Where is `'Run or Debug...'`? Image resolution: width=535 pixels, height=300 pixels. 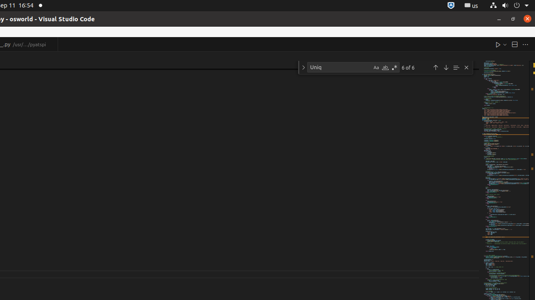
'Run or Debug...' is located at coordinates (504, 44).